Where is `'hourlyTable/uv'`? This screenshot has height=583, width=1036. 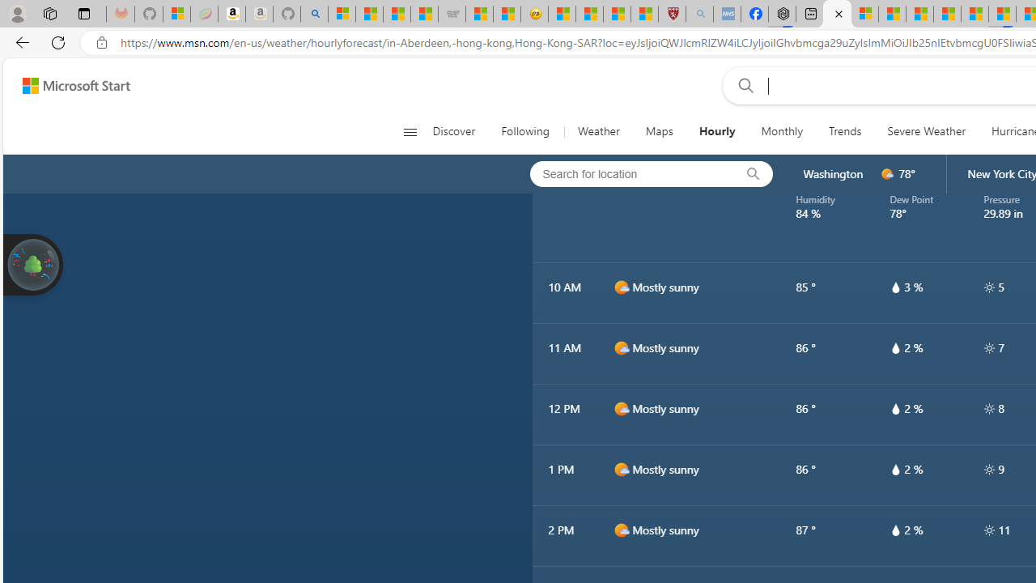 'hourlyTable/uv' is located at coordinates (988, 530).